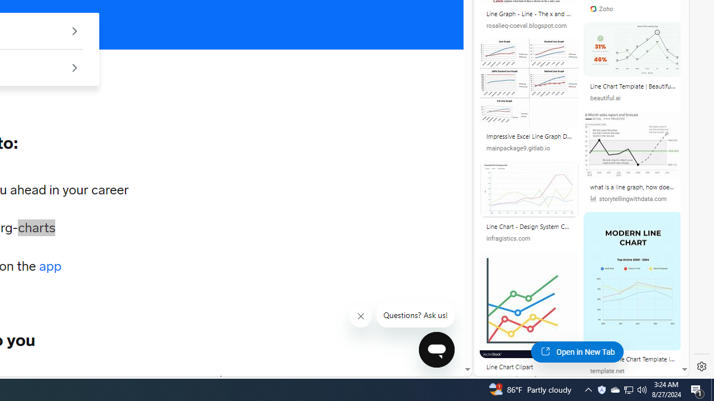 This screenshot has width=714, height=401. What do you see at coordinates (633, 280) in the screenshot?
I see `'Image result for Line Chart'` at bounding box center [633, 280].